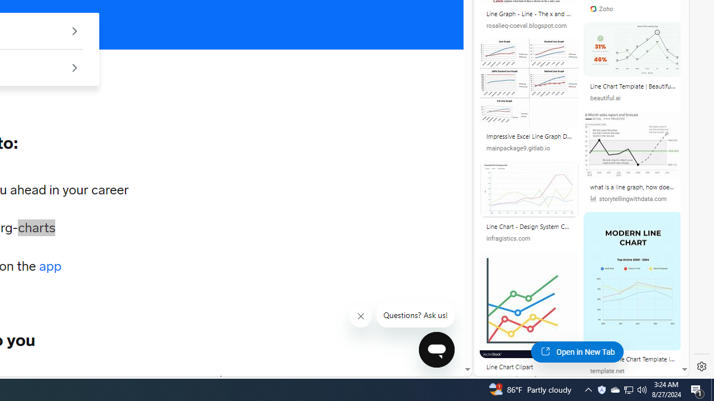 This screenshot has width=714, height=401. What do you see at coordinates (633, 280) in the screenshot?
I see `'Image result for Line Chart'` at bounding box center [633, 280].